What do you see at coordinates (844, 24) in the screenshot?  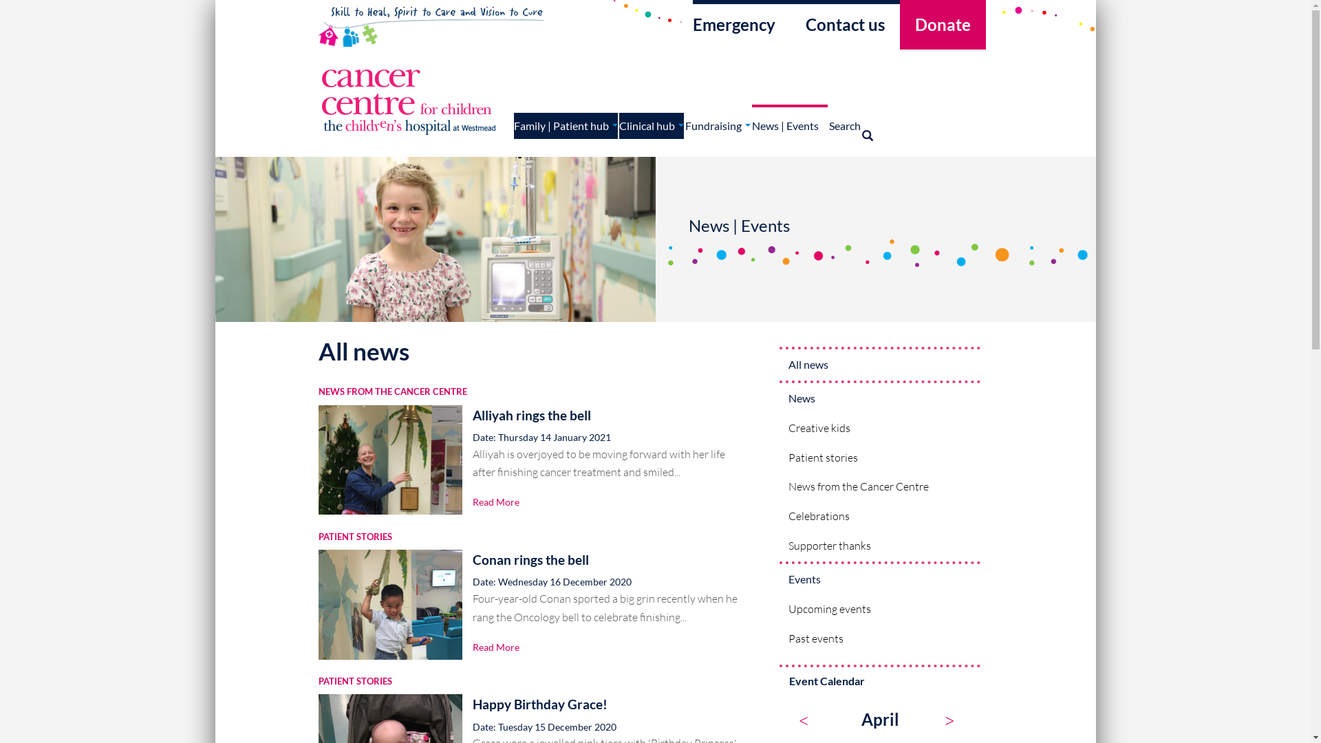 I see `'Contact us'` at bounding box center [844, 24].